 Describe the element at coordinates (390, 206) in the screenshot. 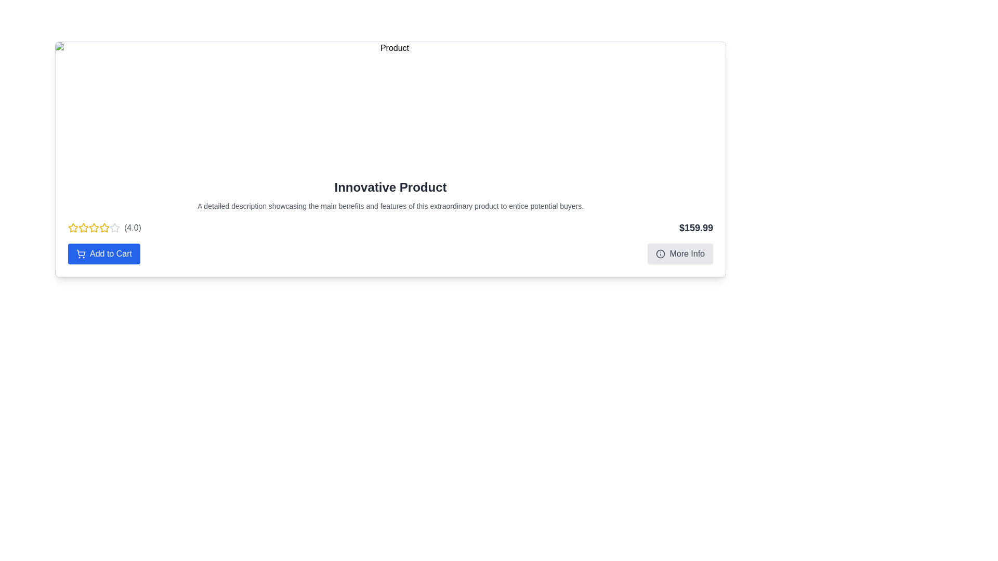

I see `the Text block that provides a descriptive summary of the product under the title 'Innovative Product' to possibly reveal more information` at that location.